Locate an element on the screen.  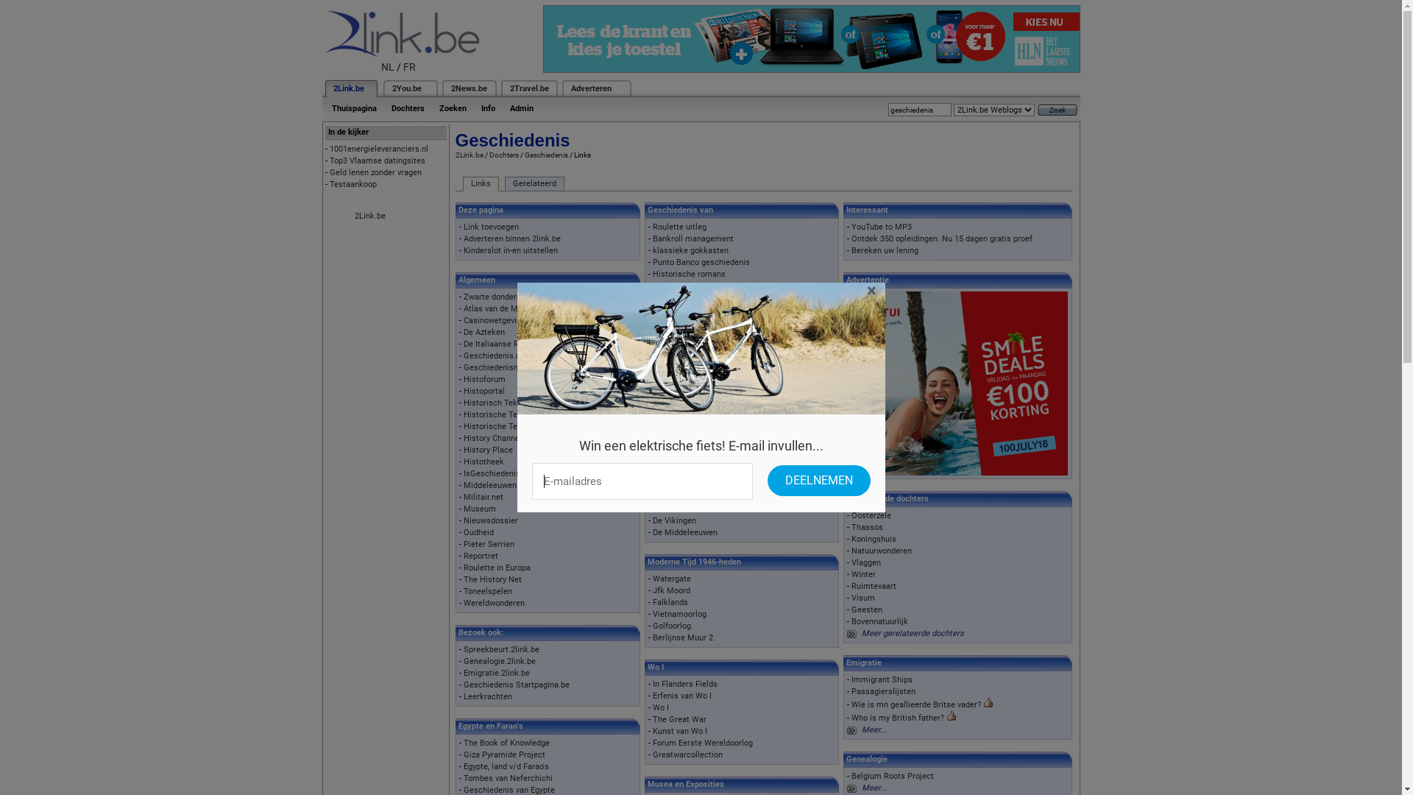
'Koningshuis' is located at coordinates (874, 539).